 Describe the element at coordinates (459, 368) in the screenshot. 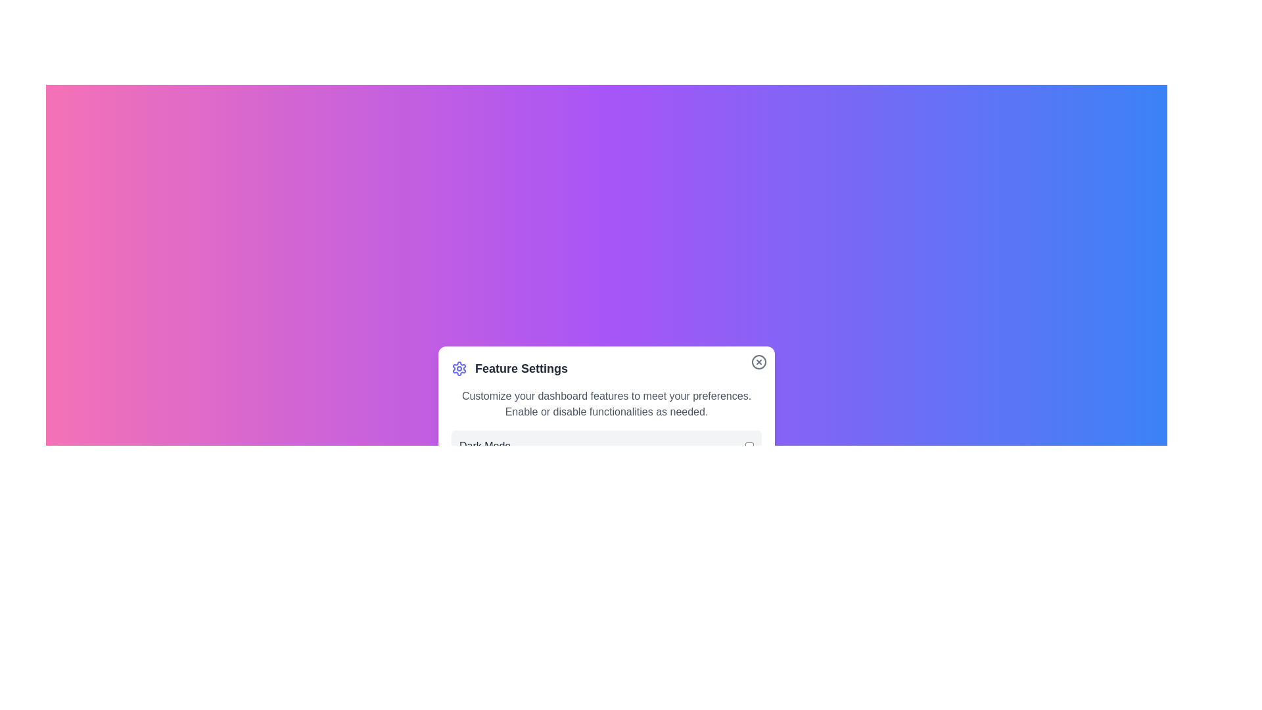

I see `the cog icon located at the top-left corner of the 'Feature Settings' modal, serving as a placeholder for feature customization` at that location.